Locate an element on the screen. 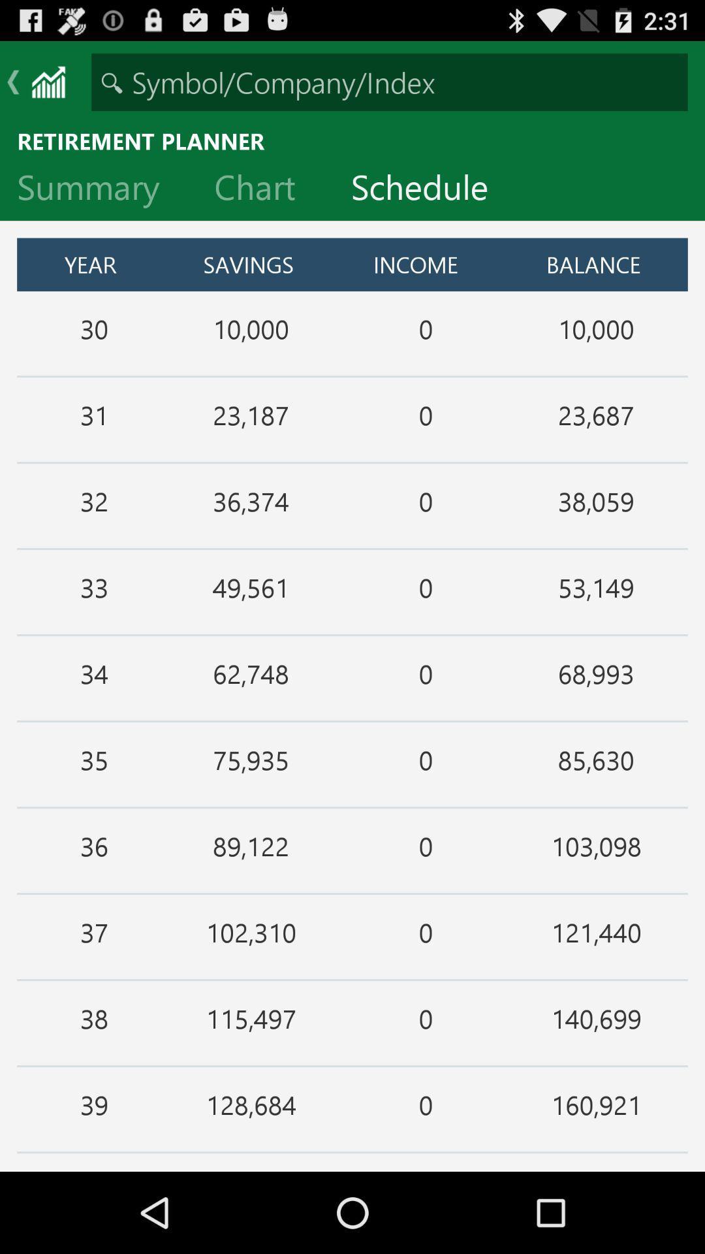 The image size is (705, 1254). search for symbol company or index input box is located at coordinates (389, 81).